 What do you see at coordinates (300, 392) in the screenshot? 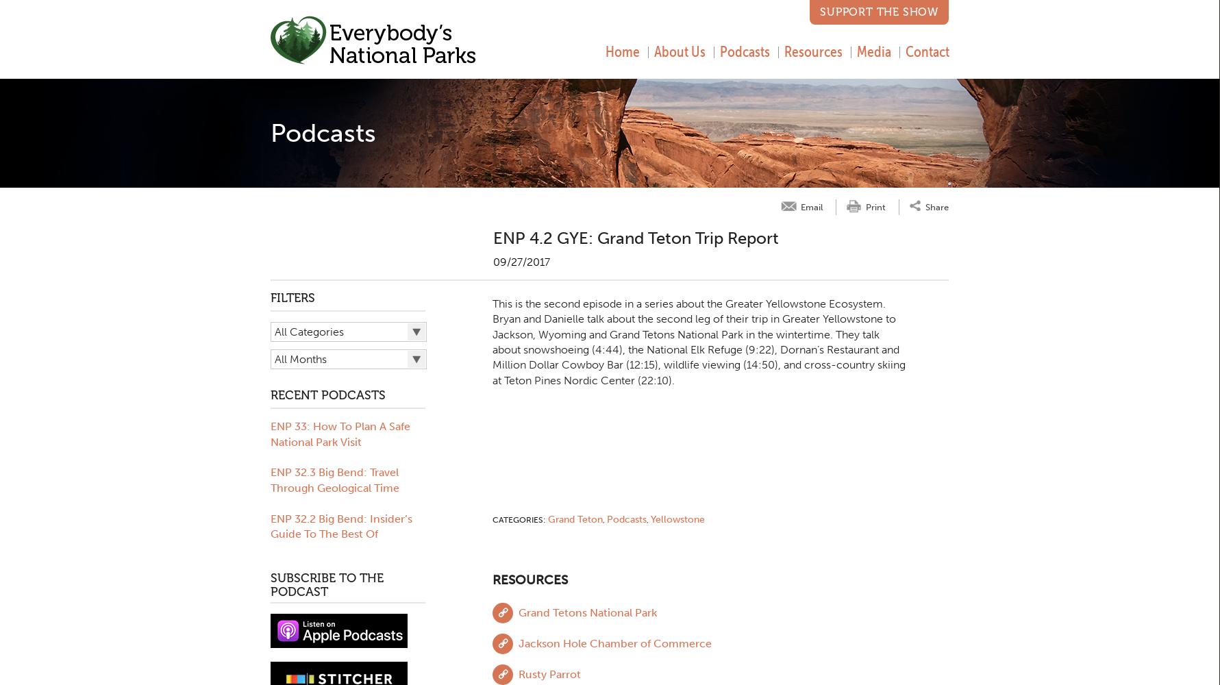
I see `'August 2020'` at bounding box center [300, 392].